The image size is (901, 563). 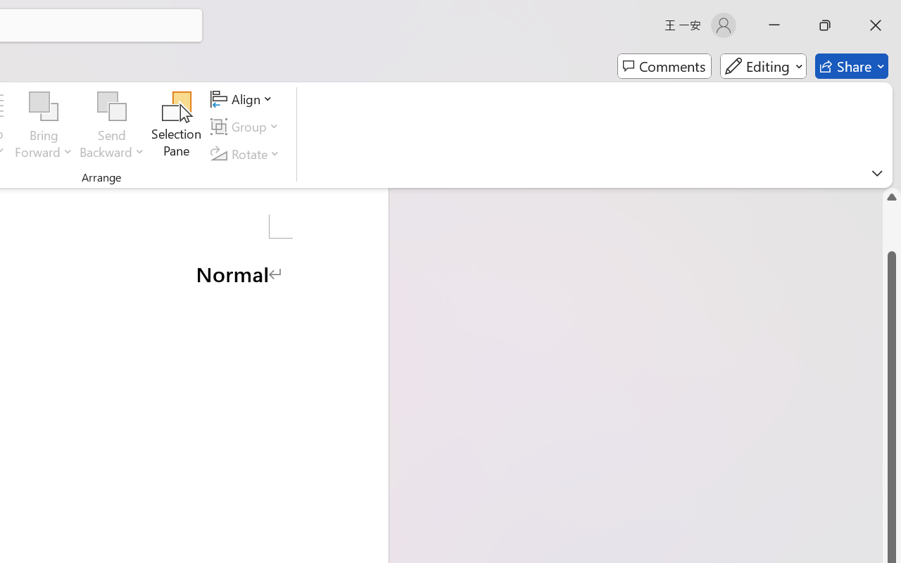 I want to click on 'Selection Pane...', so click(x=176, y=126).